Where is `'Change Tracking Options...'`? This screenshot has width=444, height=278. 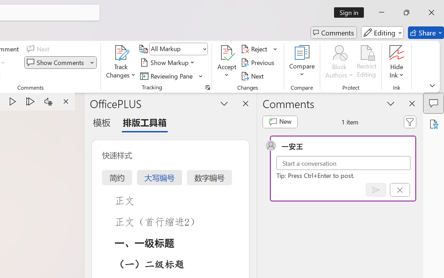
'Change Tracking Options...' is located at coordinates (207, 87).